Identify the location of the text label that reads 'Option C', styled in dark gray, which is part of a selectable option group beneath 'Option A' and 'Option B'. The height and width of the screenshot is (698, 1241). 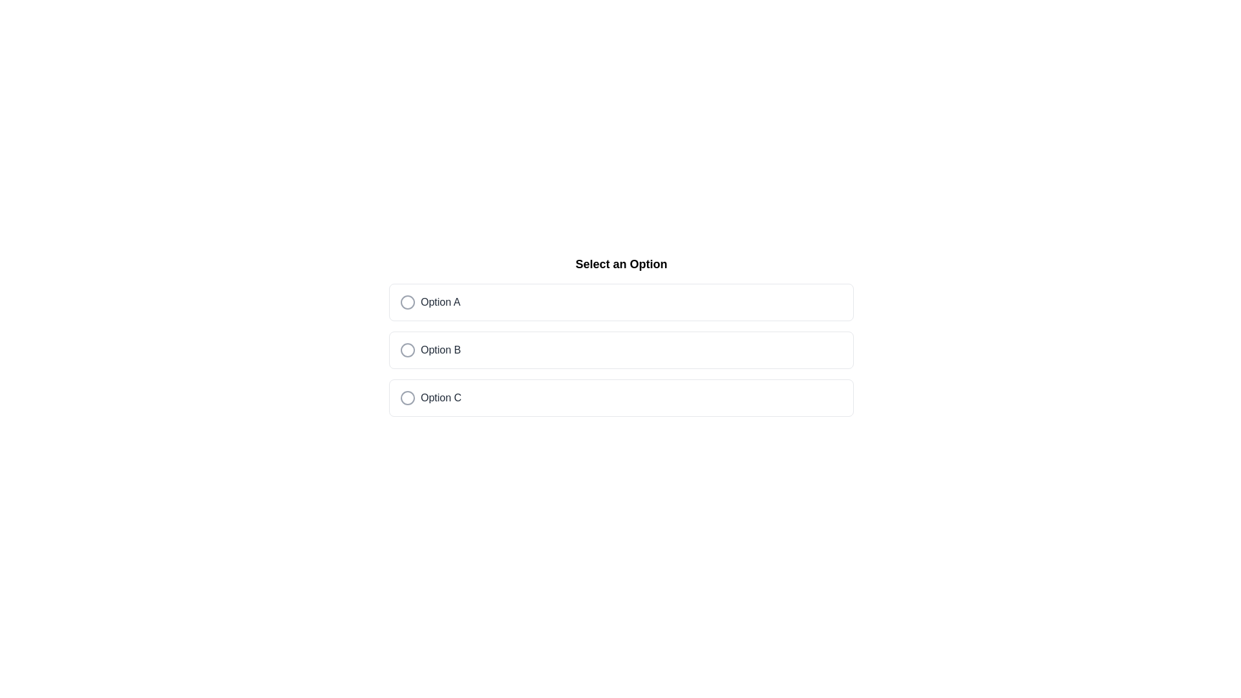
(441, 397).